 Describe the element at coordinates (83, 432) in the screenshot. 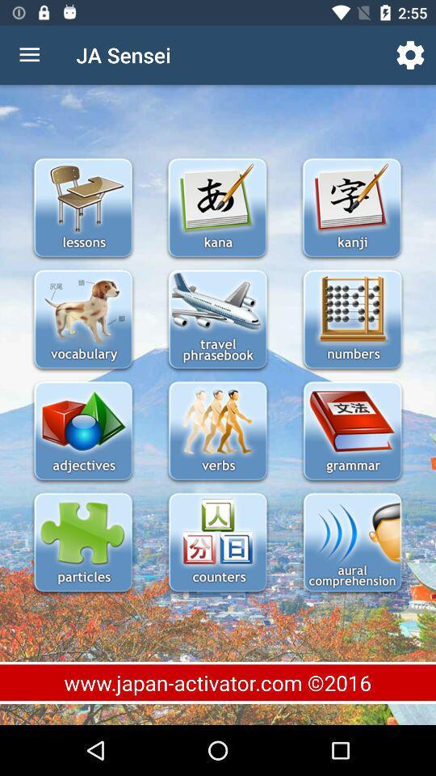

I see `open adjectives` at that location.